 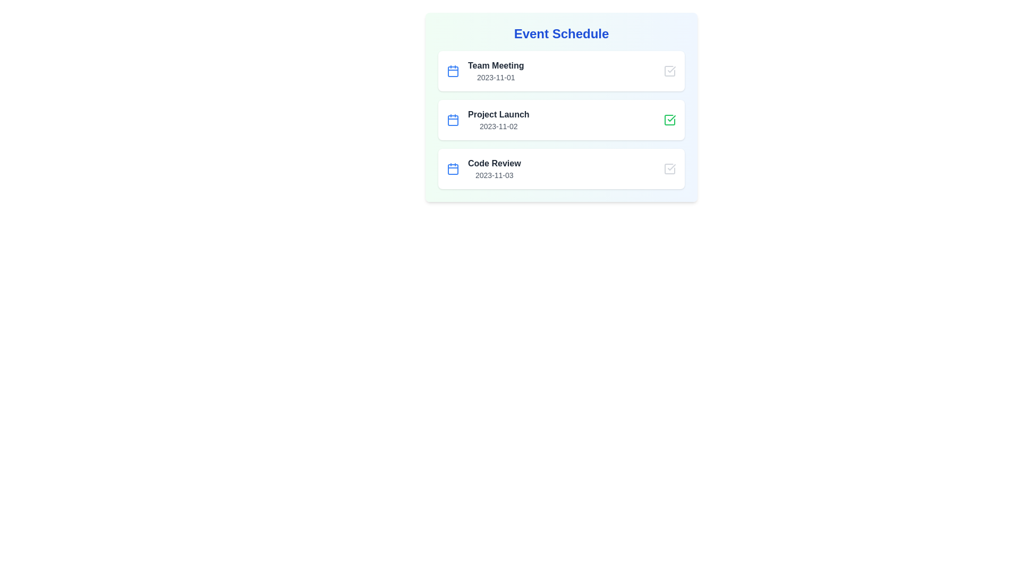 I want to click on the event titled Team Meeting to view its details, so click(x=495, y=65).